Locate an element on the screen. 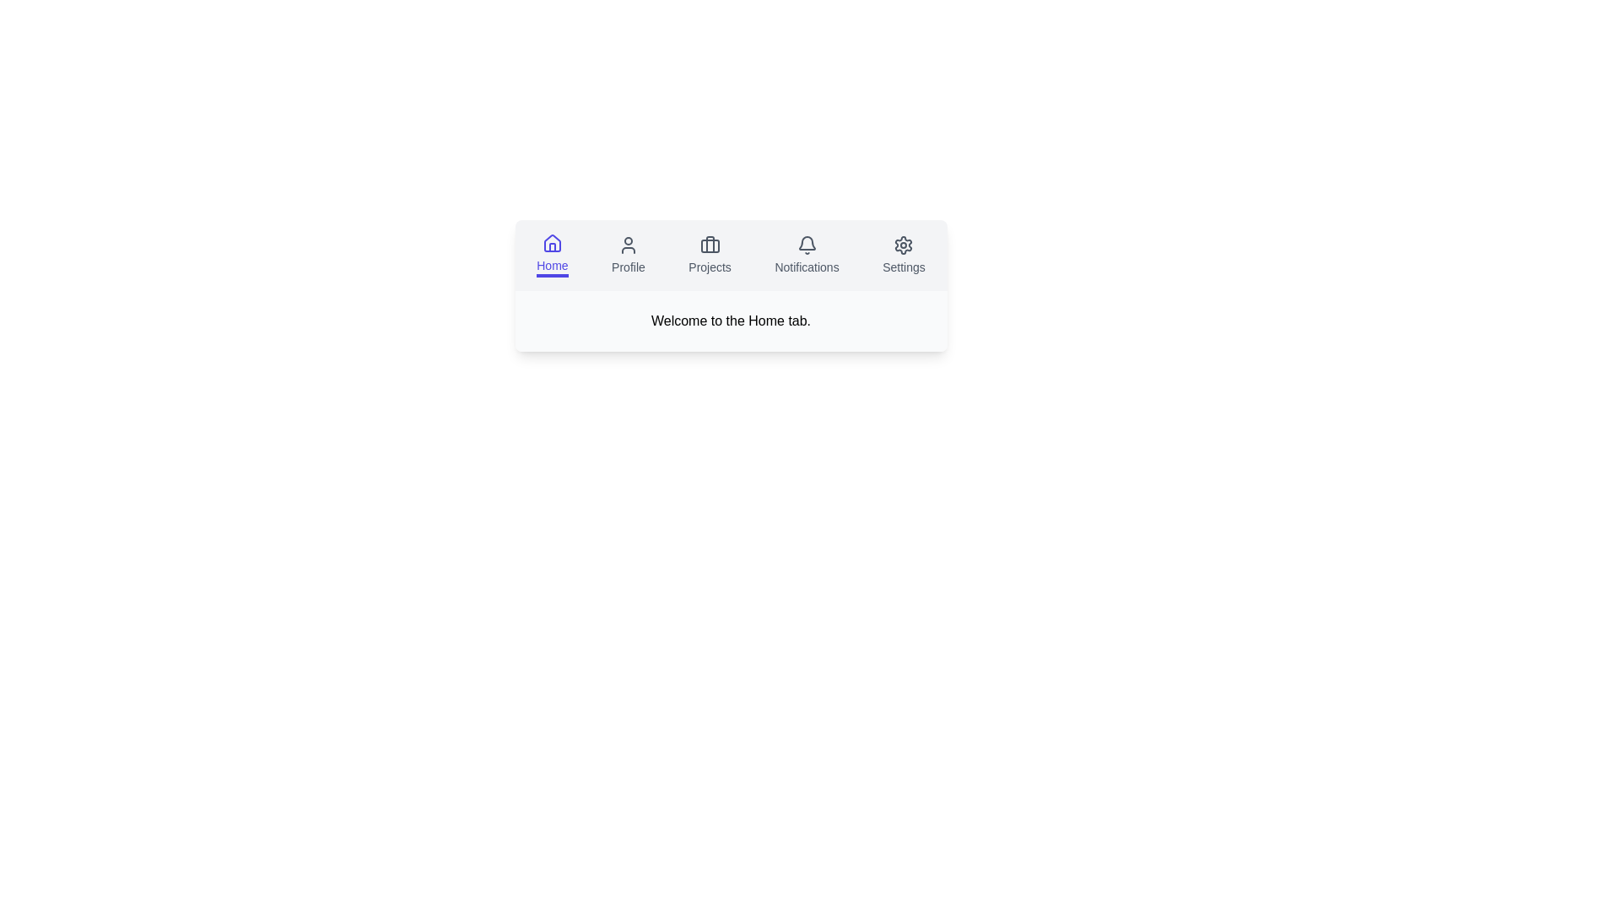  the 'Notifications' button, which features a bell icon and the text 'Notifications' in a light gray color scheme, to possibly reveal additional details is located at coordinates (806, 256).